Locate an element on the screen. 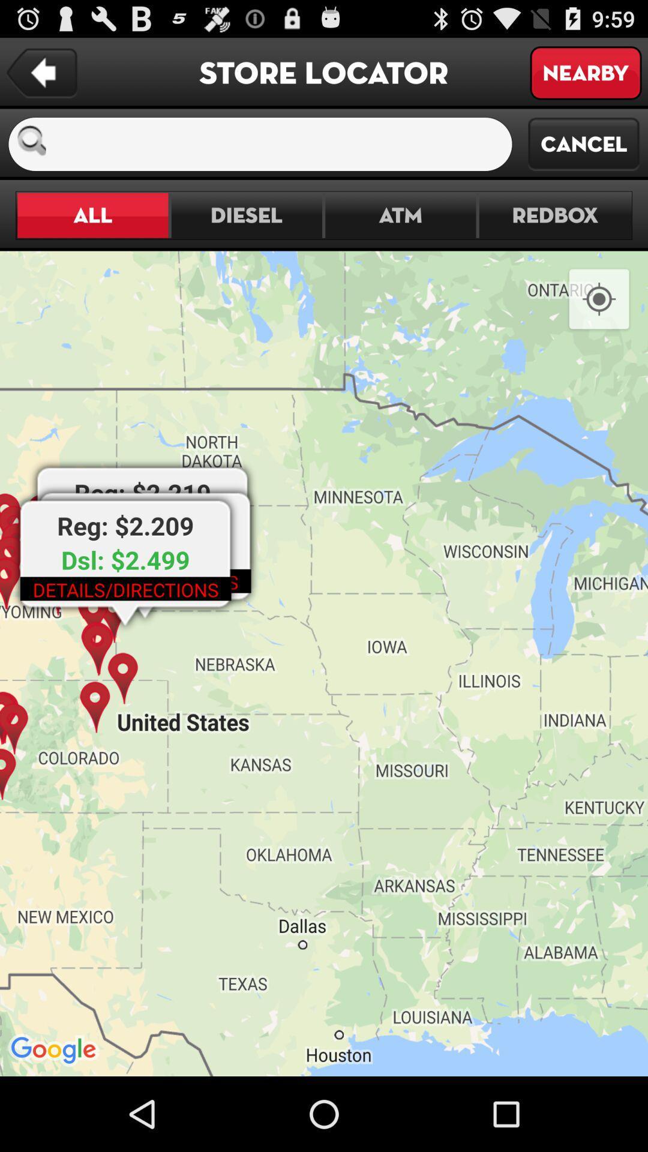 This screenshot has width=648, height=1152. diesel is located at coordinates (246, 215).